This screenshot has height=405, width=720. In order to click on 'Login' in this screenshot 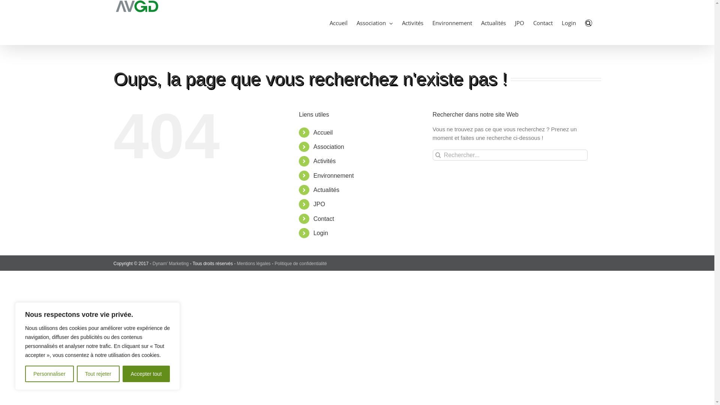, I will do `click(321, 232)`.